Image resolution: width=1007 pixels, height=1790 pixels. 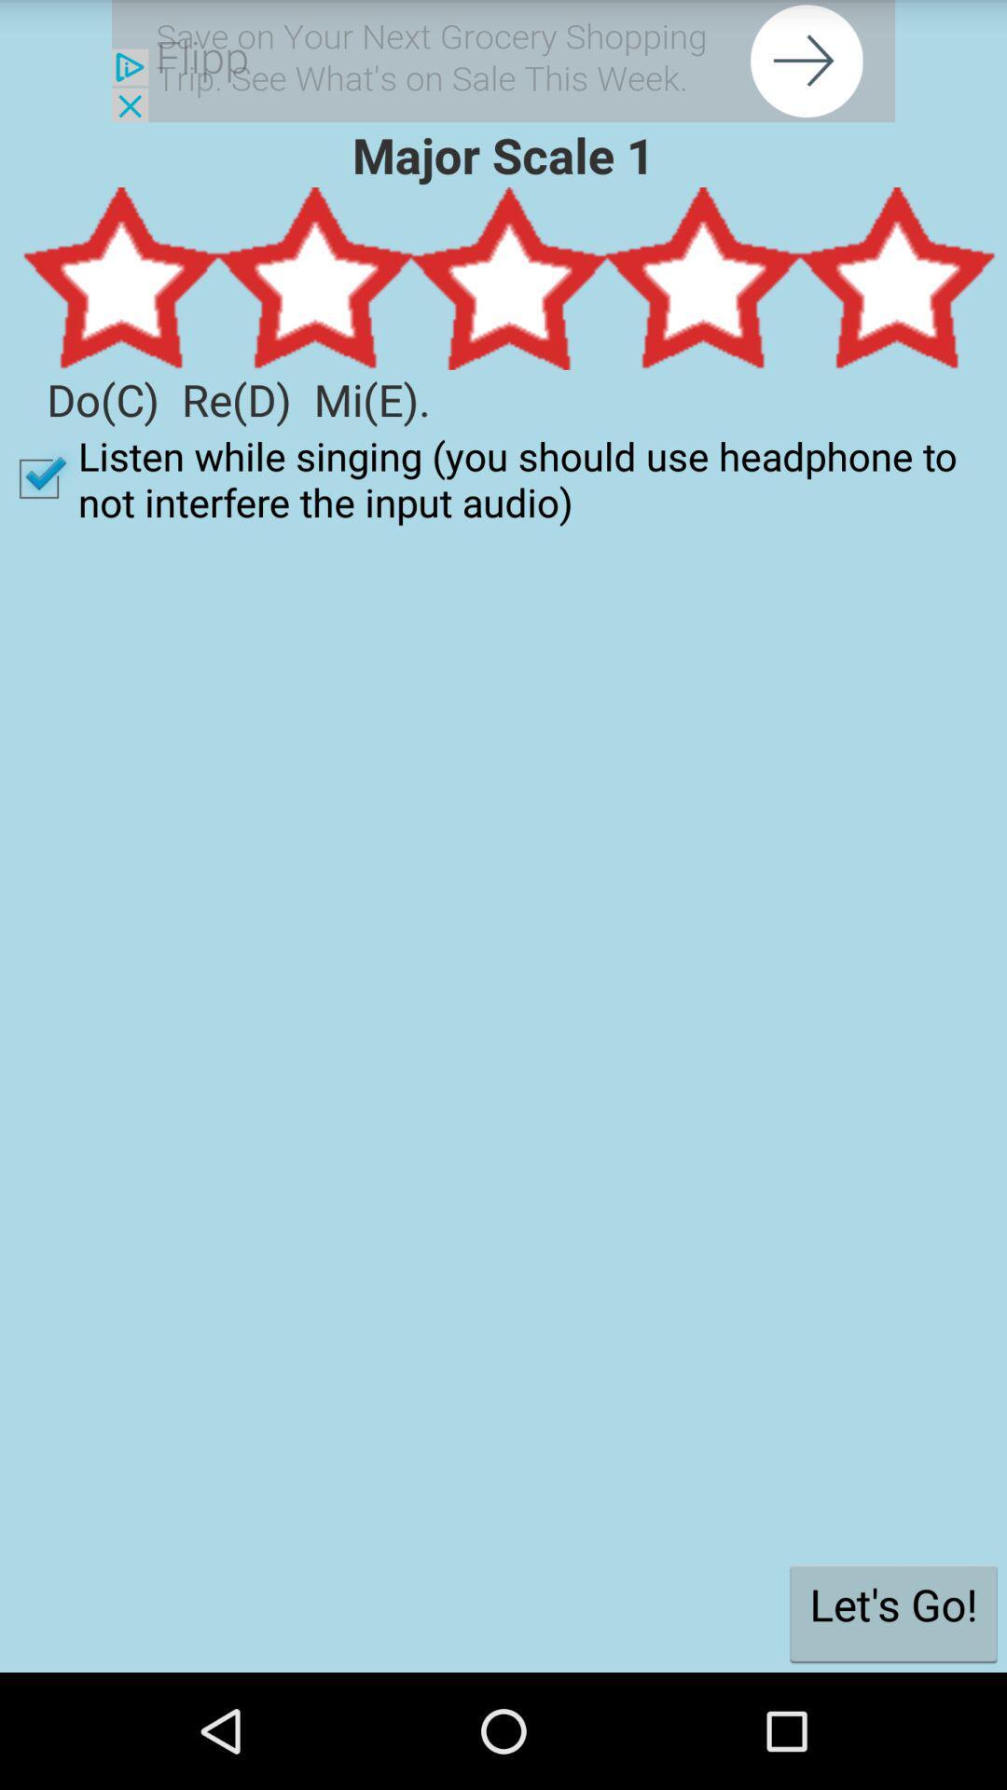 I want to click on share article, so click(x=504, y=61).